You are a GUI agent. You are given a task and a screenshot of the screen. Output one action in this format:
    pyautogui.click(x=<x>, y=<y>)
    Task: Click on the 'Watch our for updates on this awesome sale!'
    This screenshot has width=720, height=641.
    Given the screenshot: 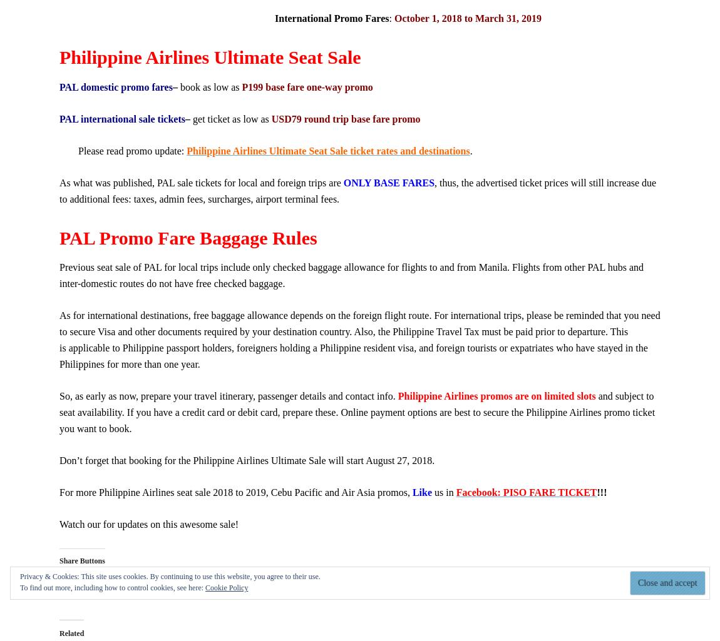 What is the action you would take?
    pyautogui.click(x=58, y=523)
    